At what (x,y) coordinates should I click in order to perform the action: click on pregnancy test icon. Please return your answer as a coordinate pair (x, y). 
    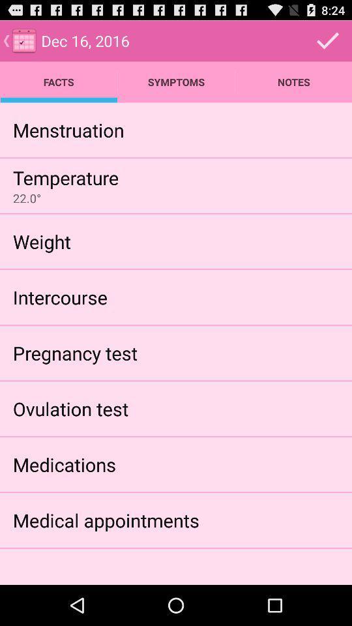
    Looking at the image, I should click on (75, 353).